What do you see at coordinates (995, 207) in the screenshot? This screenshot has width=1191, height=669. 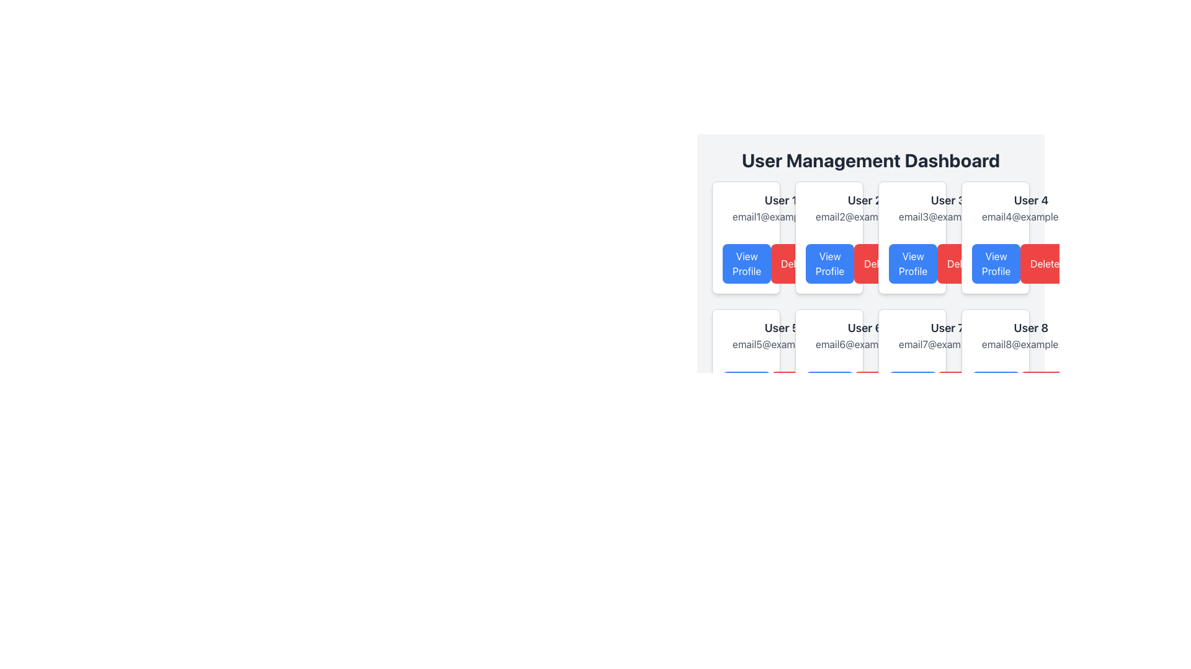 I see `the text label displaying 'email4@example.com' which is located below the title 'User 4' in the fourth card of a grid layout` at bounding box center [995, 207].